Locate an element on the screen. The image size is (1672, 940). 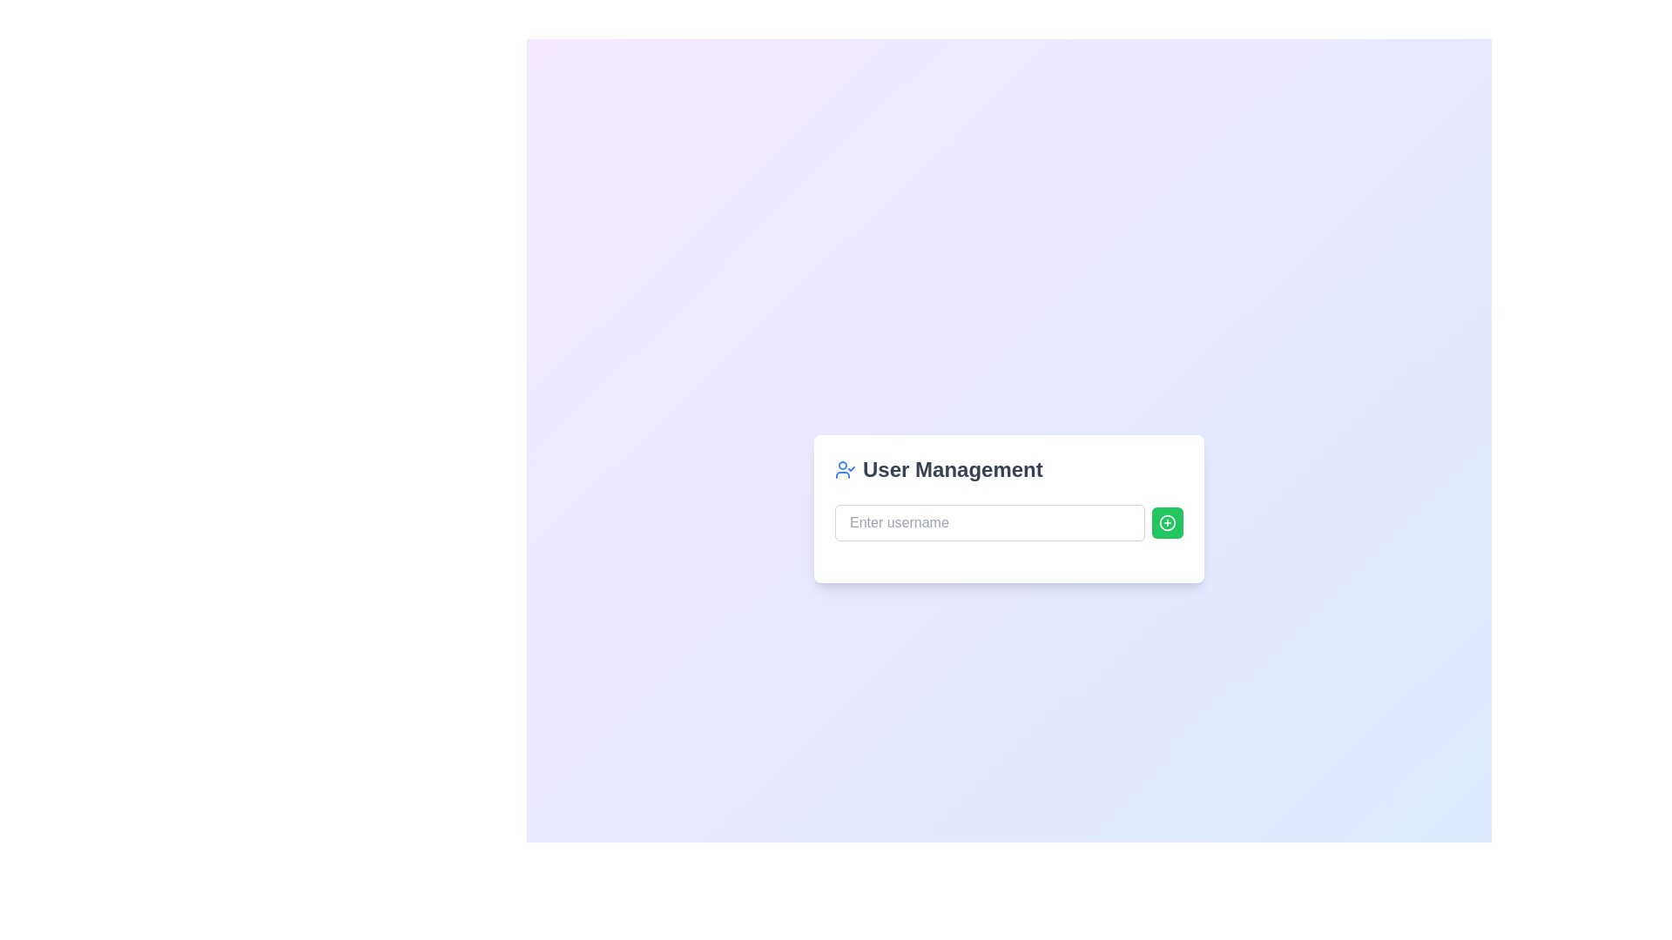
the button located on the right side of the text input field labeled 'Enter username' to initiate its action is located at coordinates (1167, 522).